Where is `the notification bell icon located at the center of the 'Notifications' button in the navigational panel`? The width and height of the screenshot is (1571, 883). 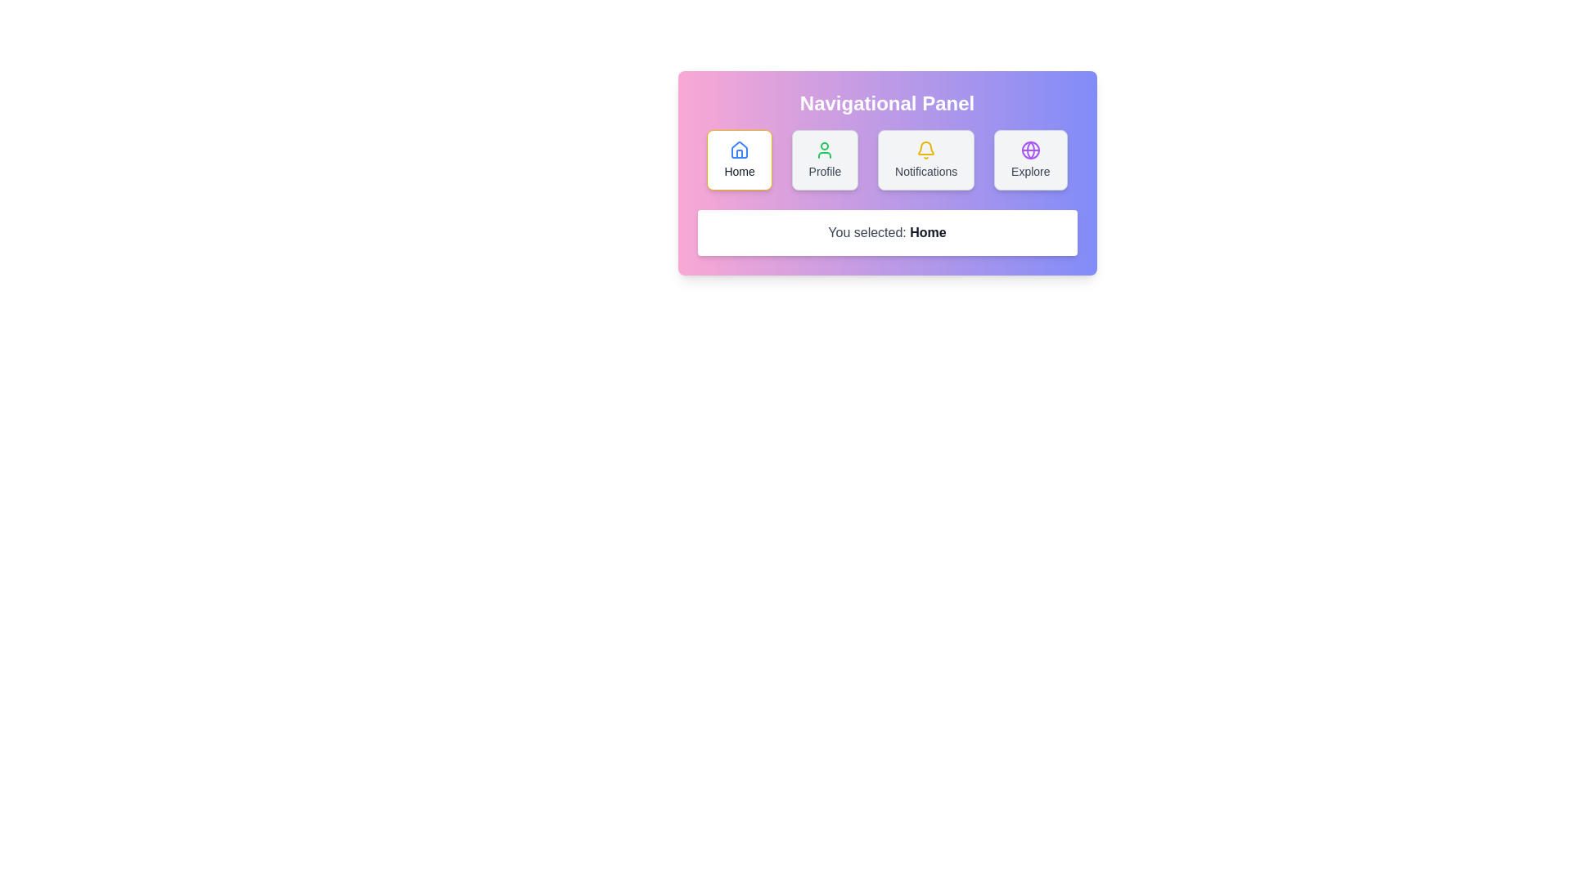
the notification bell icon located at the center of the 'Notifications' button in the navigational panel is located at coordinates (926, 150).